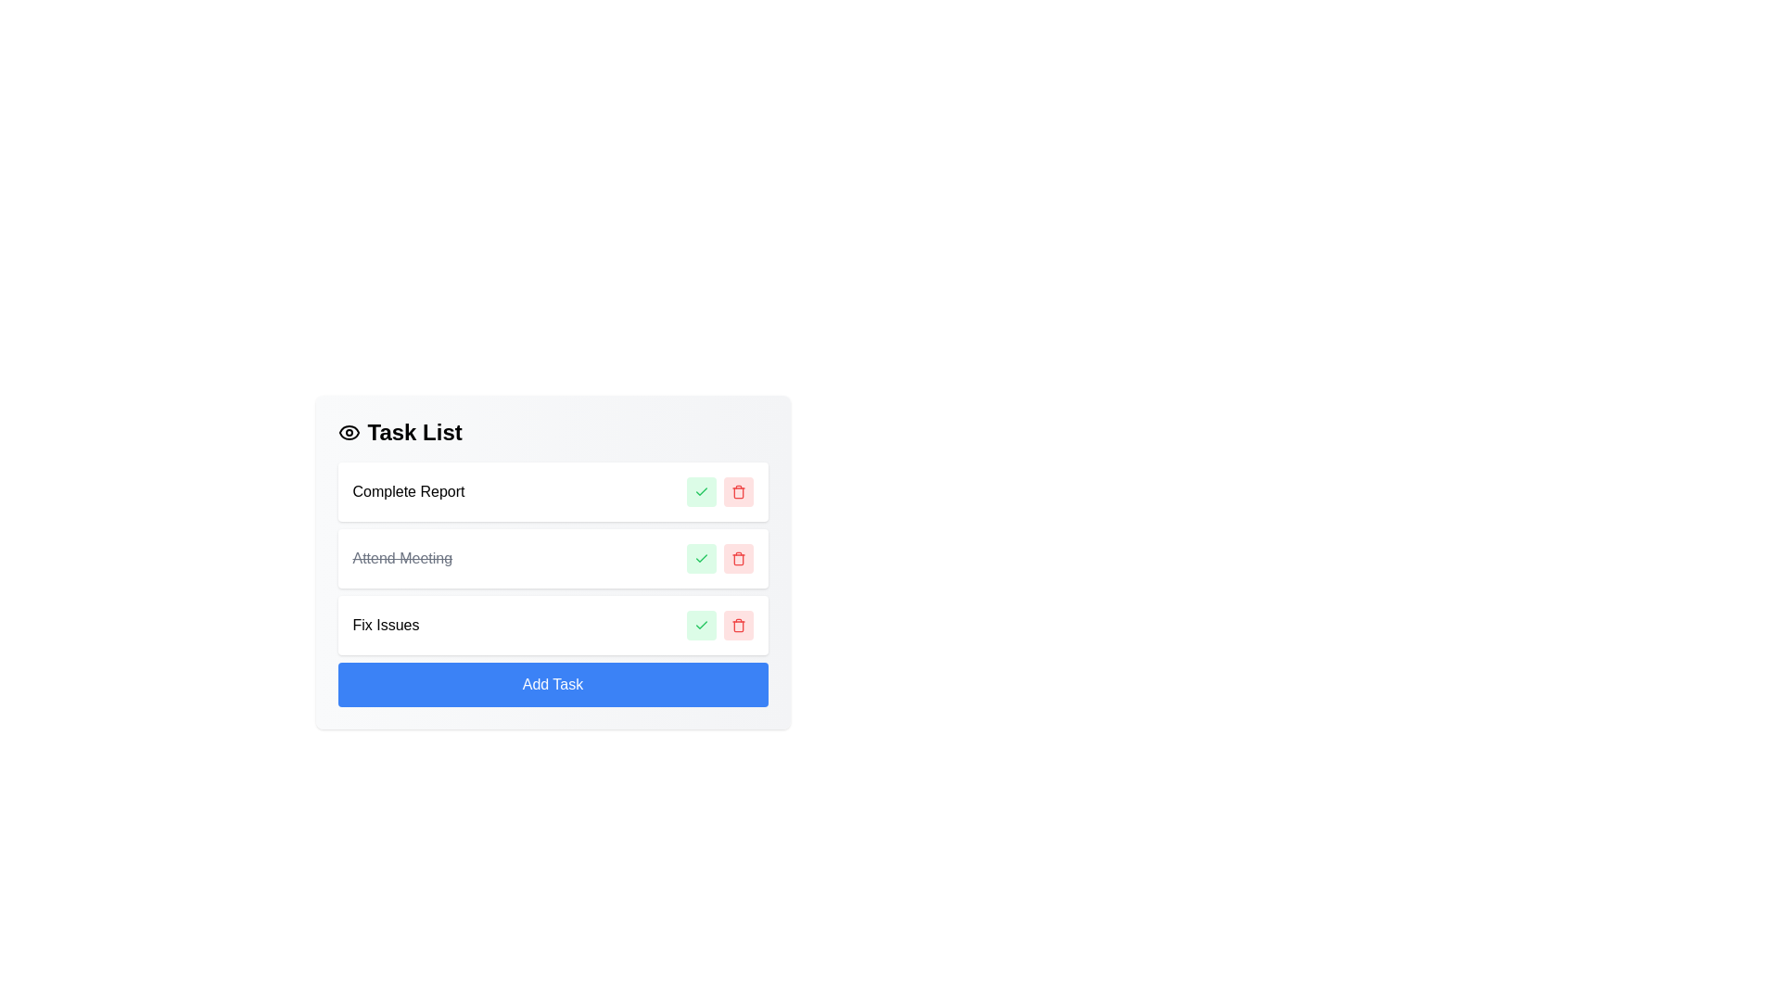 Image resolution: width=1780 pixels, height=1001 pixels. I want to click on the delete button for the task named Complete Report, so click(737, 491).